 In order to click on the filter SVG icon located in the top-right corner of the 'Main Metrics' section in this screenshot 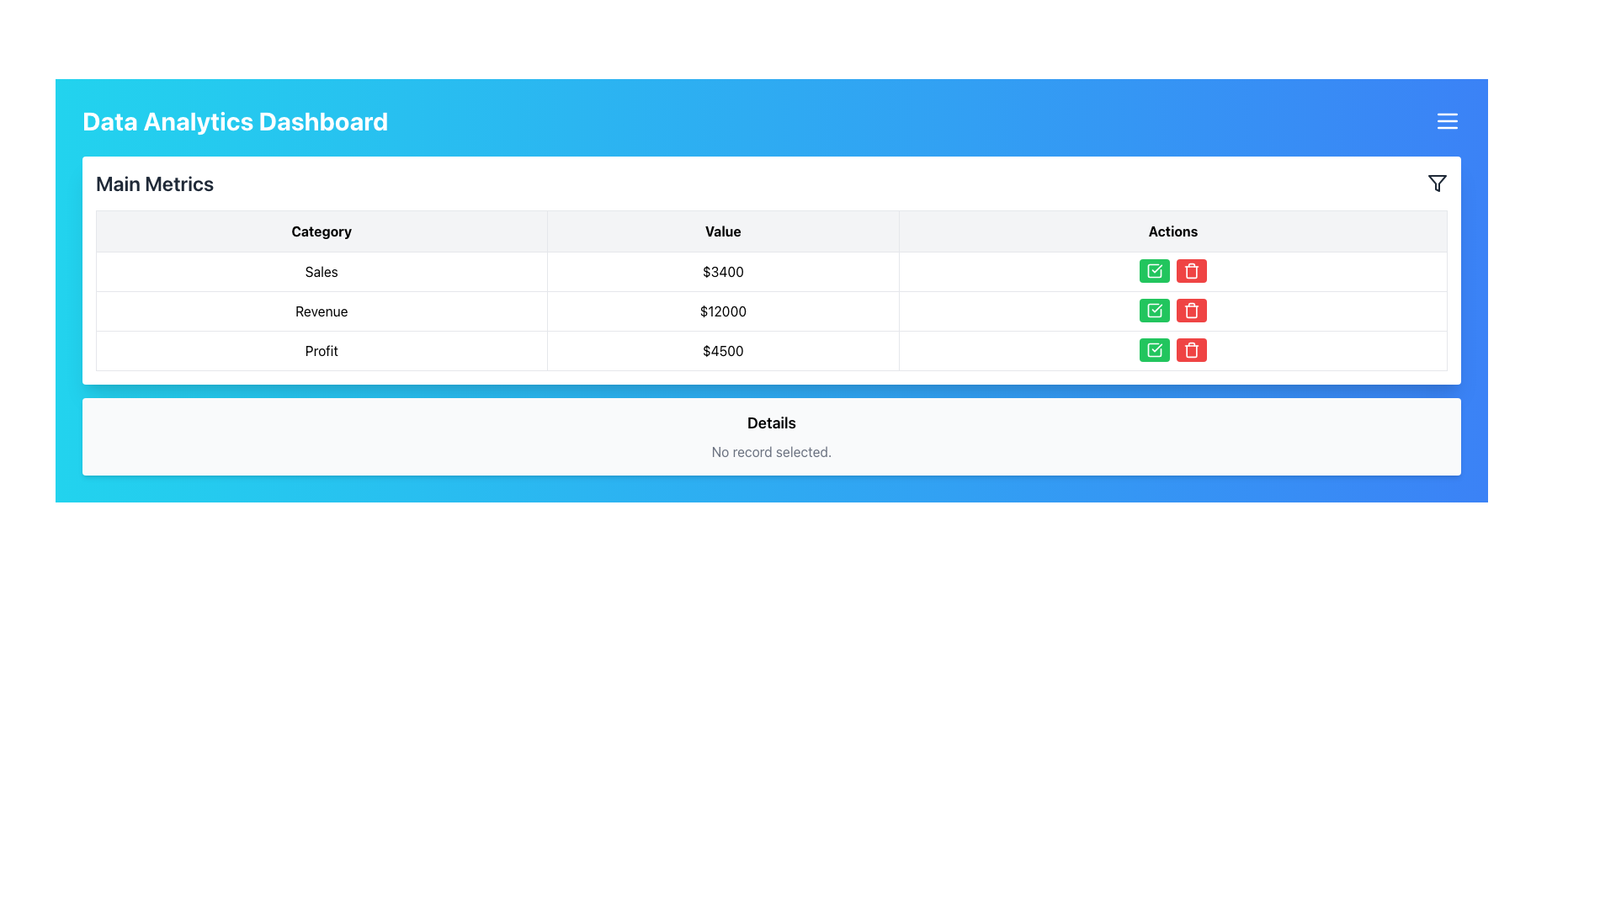, I will do `click(1437, 183)`.